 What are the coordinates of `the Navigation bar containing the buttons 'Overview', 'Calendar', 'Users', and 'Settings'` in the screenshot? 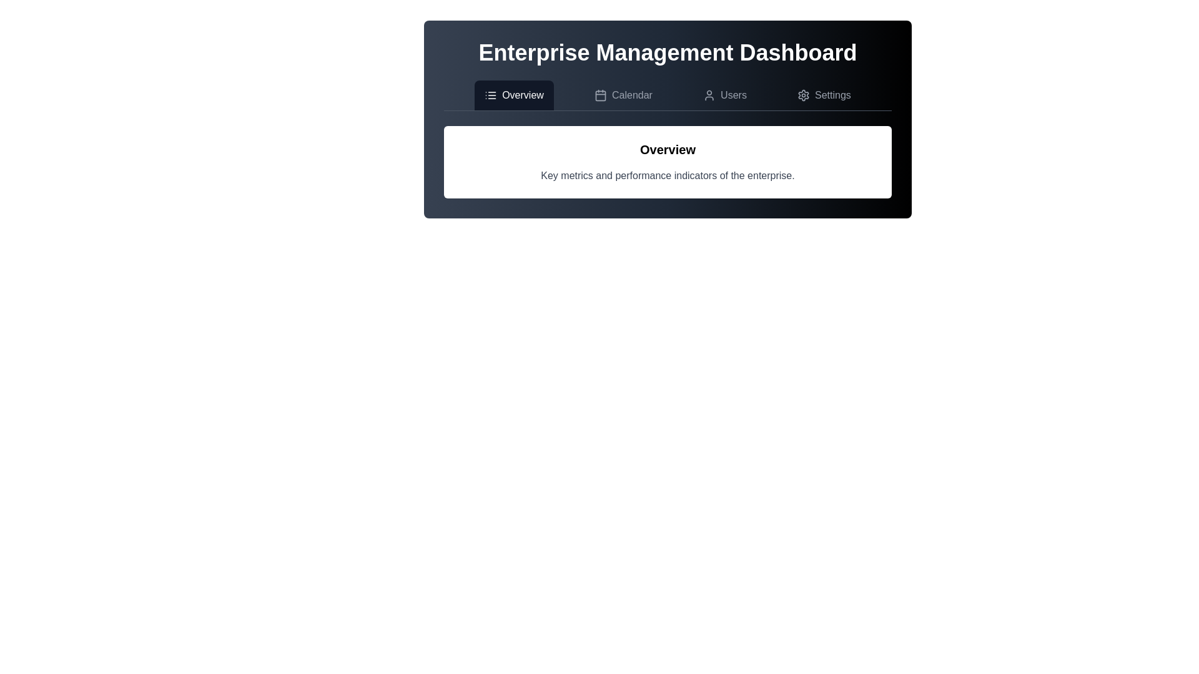 It's located at (667, 95).